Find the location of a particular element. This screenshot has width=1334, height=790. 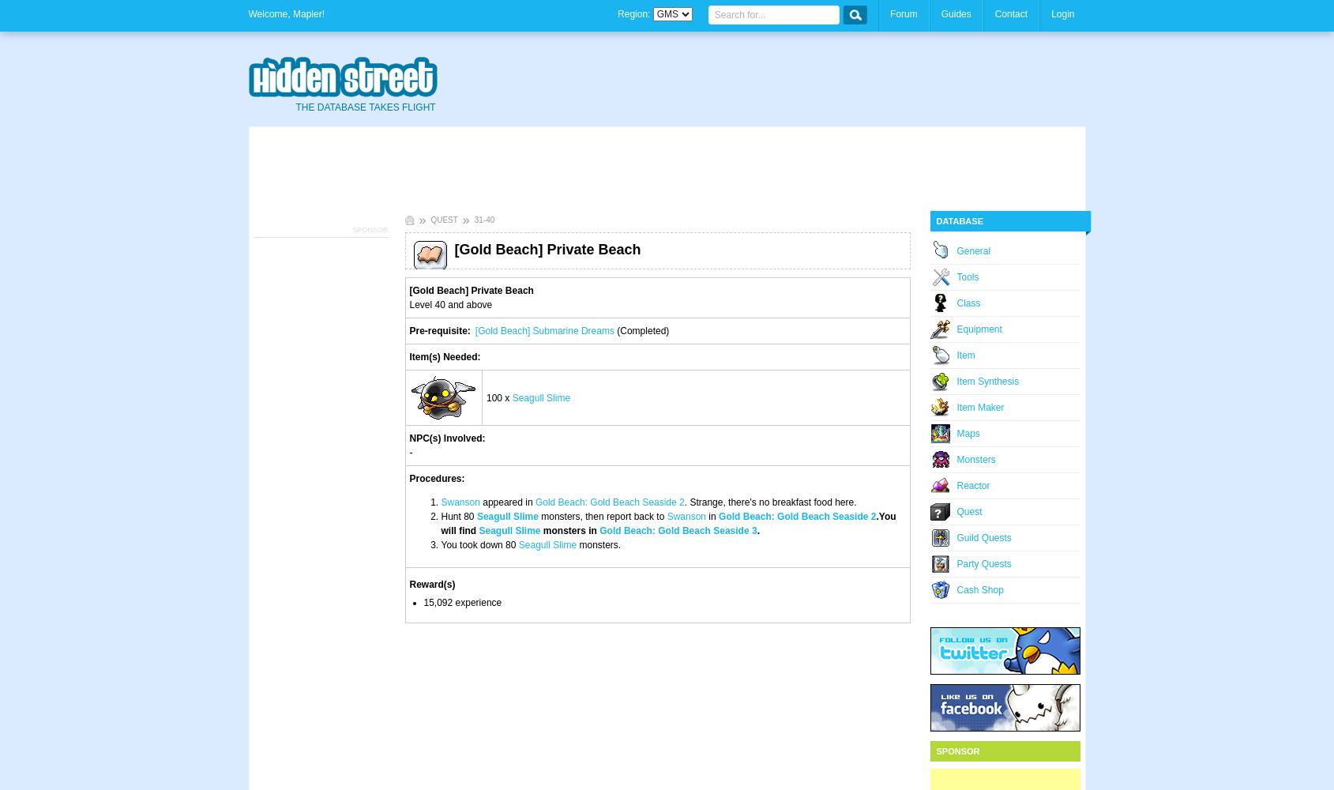

'The Database Takes Flight' is located at coordinates (364, 107).